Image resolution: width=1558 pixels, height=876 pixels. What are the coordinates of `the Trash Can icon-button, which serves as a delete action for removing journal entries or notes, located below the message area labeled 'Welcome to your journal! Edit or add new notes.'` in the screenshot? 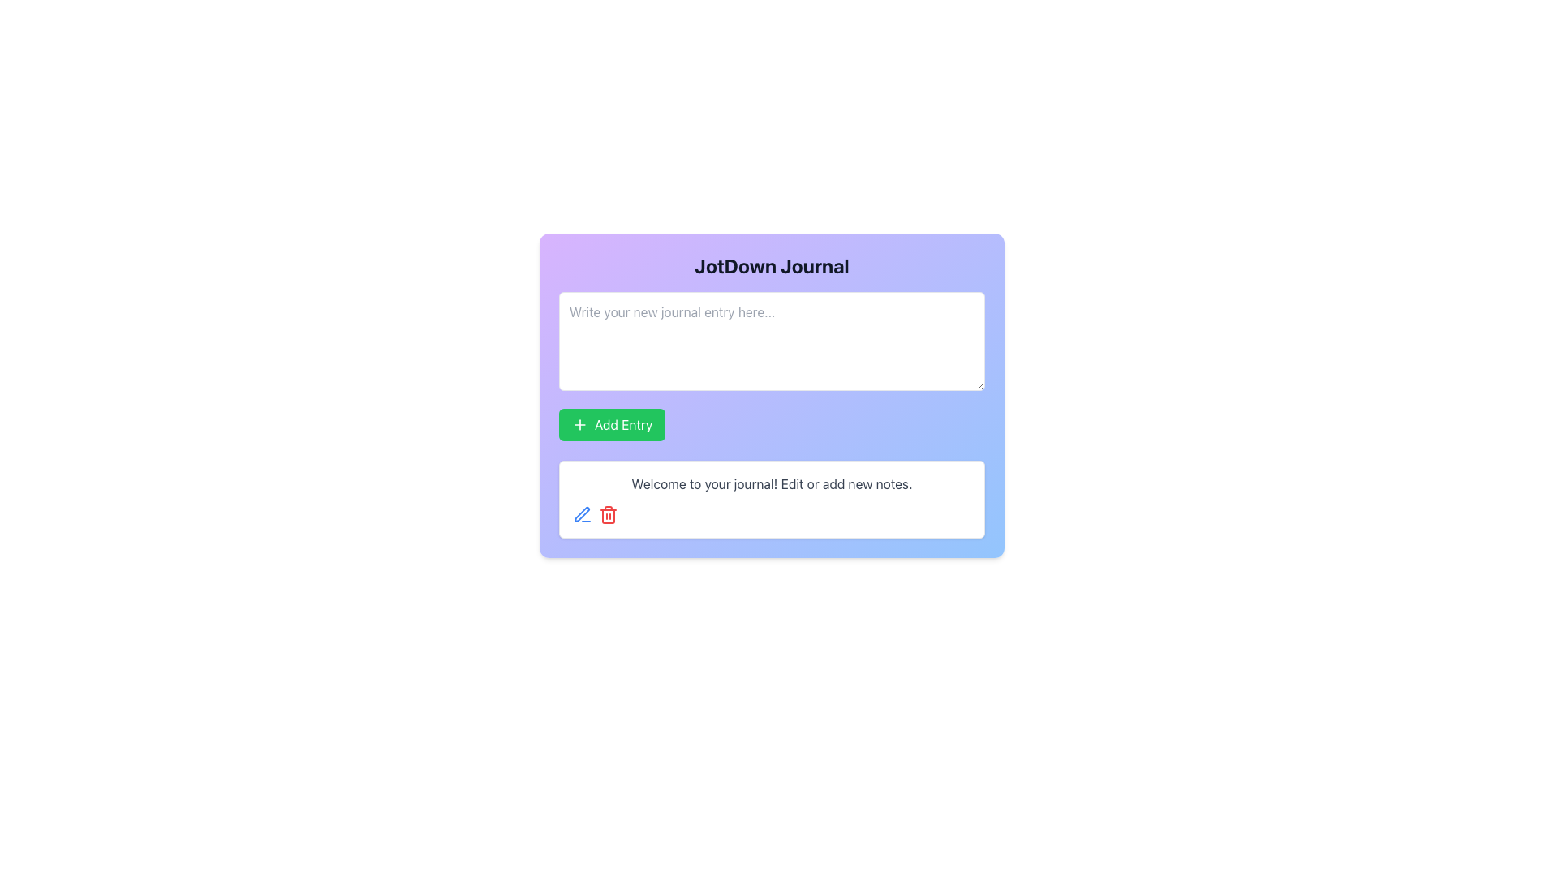 It's located at (607, 513).